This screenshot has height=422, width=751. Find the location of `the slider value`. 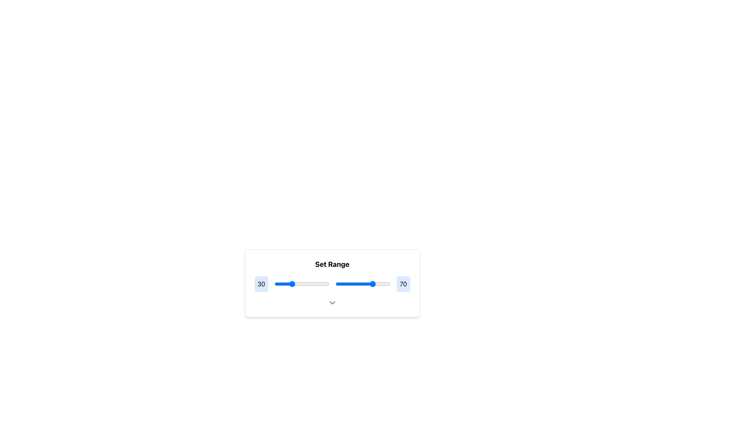

the slider value is located at coordinates (377, 284).